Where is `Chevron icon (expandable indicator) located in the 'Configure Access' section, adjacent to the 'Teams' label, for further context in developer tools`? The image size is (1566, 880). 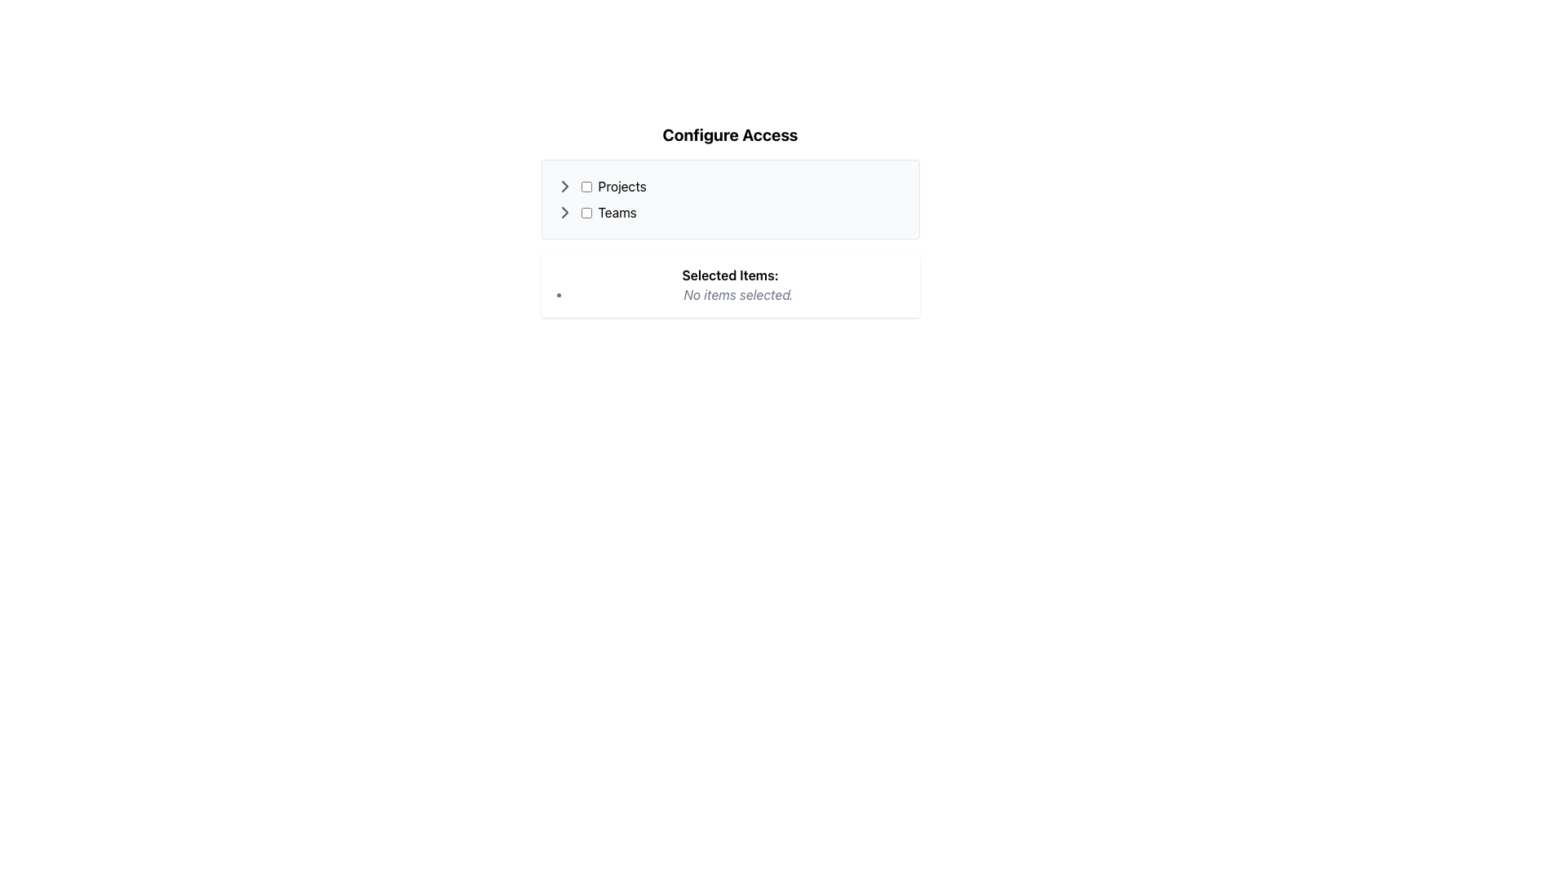 Chevron icon (expandable indicator) located in the 'Configure Access' section, adjacent to the 'Teams' label, for further context in developer tools is located at coordinates (564, 185).